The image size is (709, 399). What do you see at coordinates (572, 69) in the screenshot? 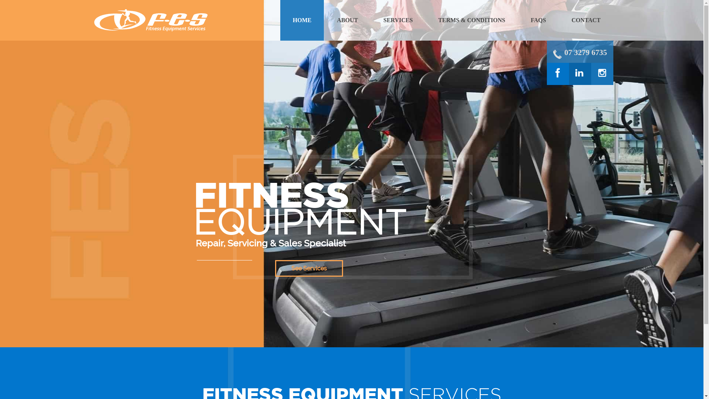
I see `'linkedin'` at bounding box center [572, 69].